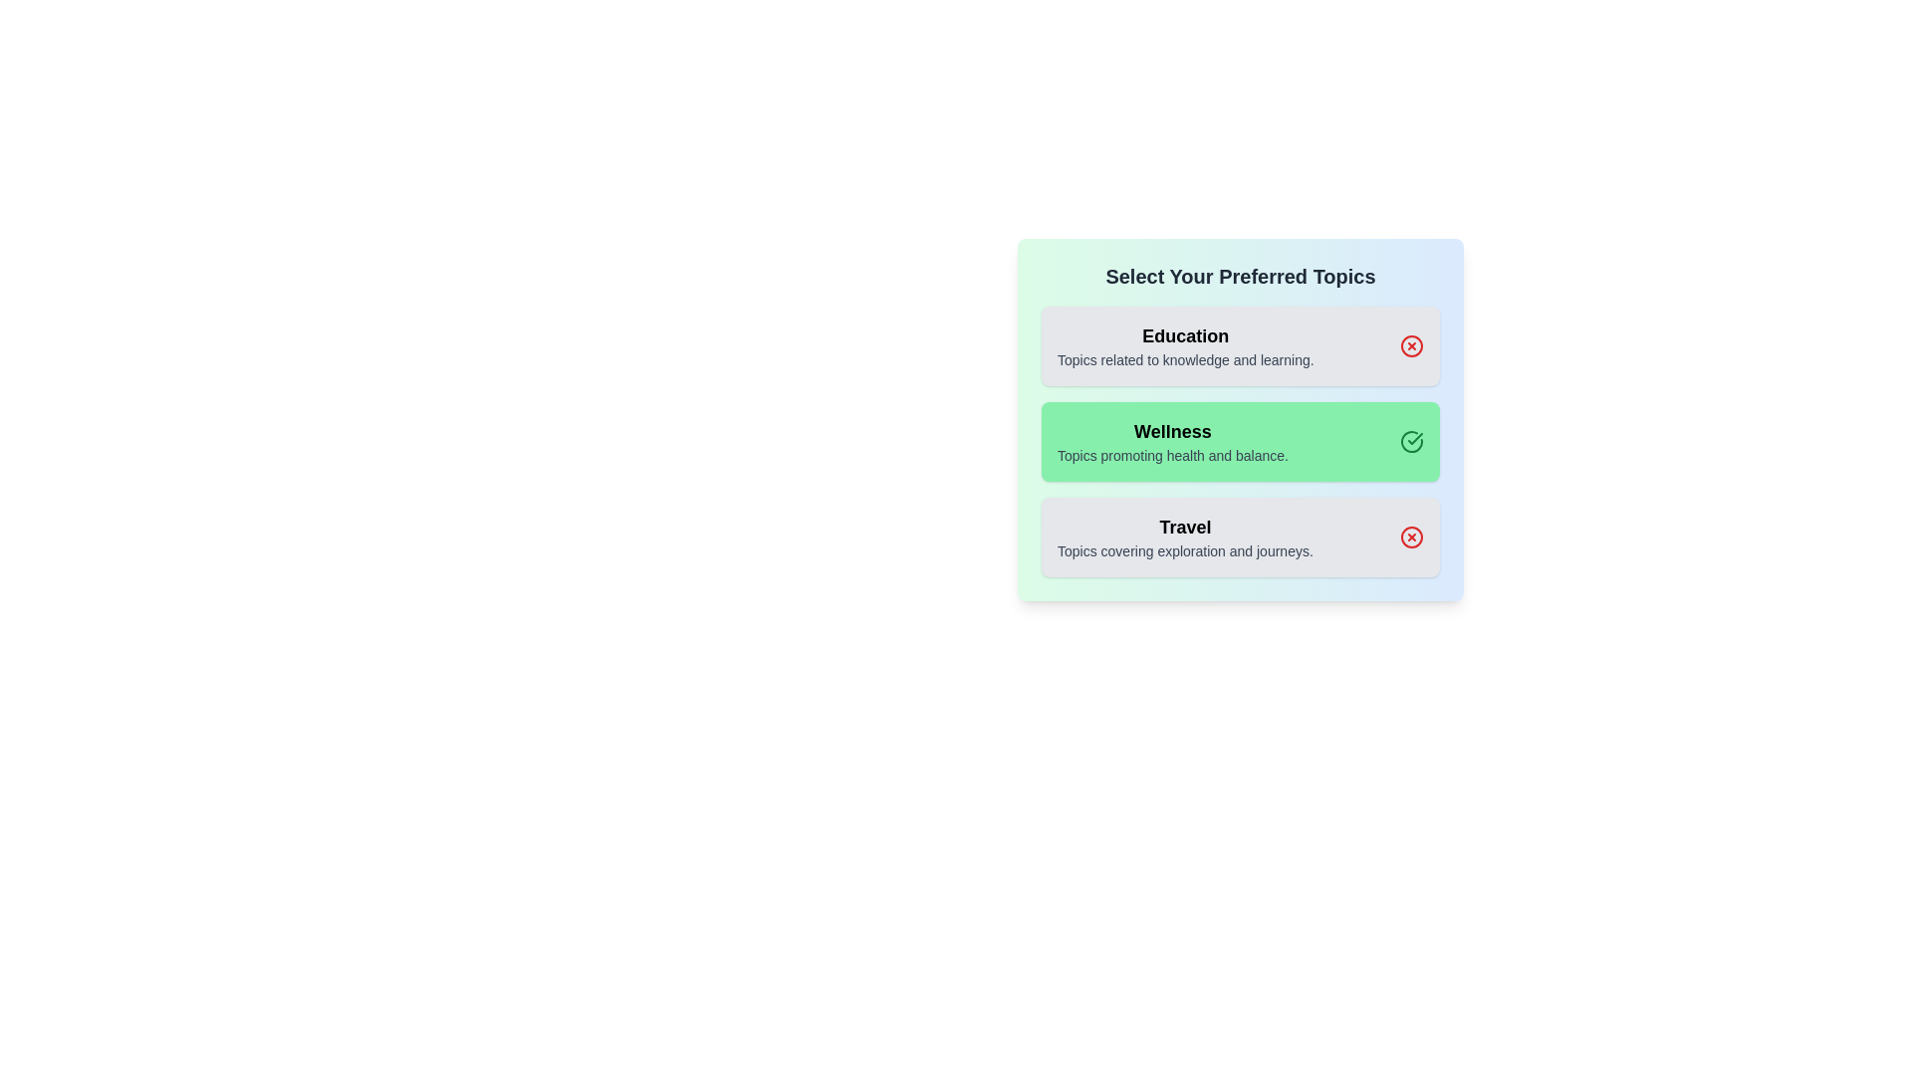 The width and height of the screenshot is (1912, 1075). I want to click on the panel corresponding to the topic Travel, so click(1240, 537).